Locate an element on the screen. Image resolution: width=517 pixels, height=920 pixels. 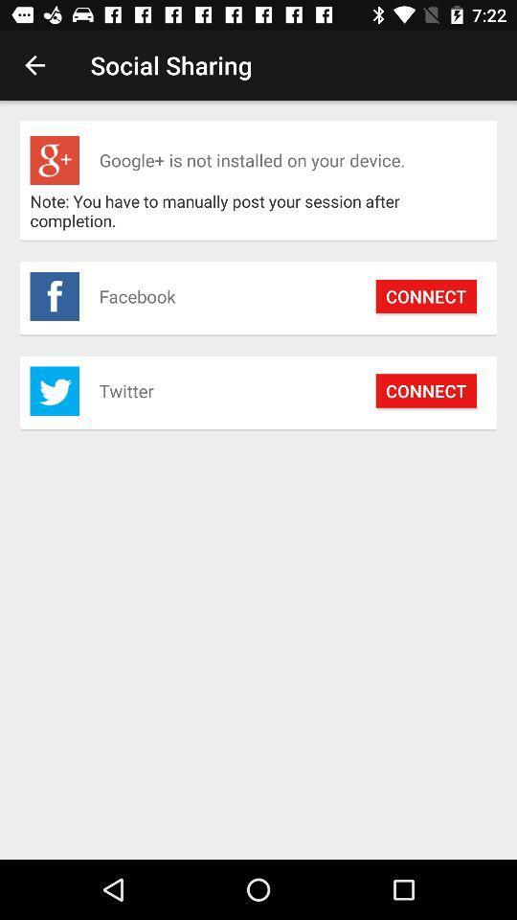
icon next to the social sharing item is located at coordinates (34, 65).